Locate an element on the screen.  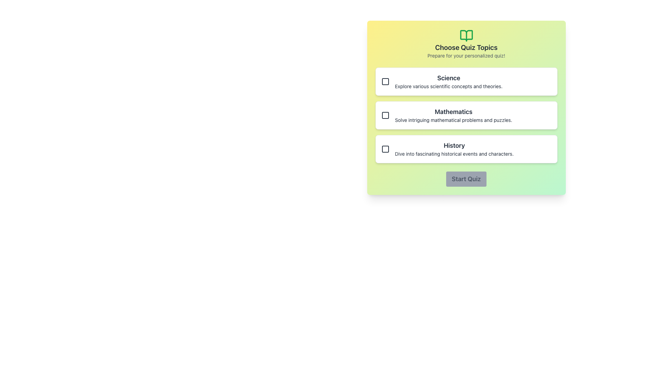
the first checkbox for the 'Science' quiz topic is located at coordinates (385, 81).